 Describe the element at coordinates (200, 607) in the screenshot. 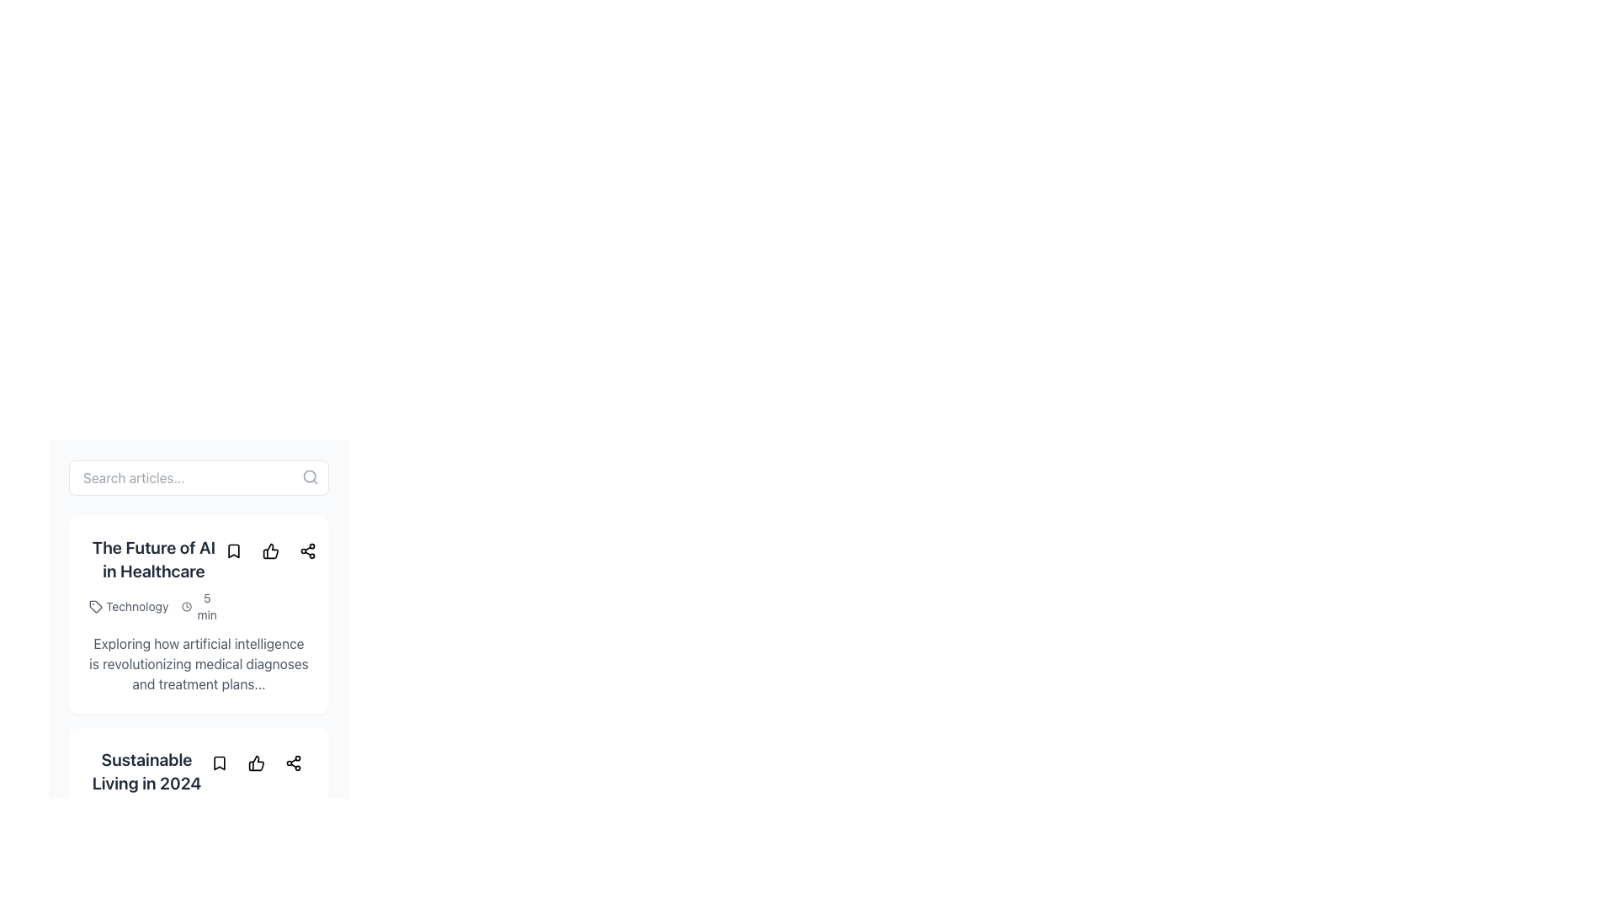

I see `the Label with icon displaying '5 min' next to a clock icon, positioned to the right of the 'Technology' label in the metadata section of the article` at that location.